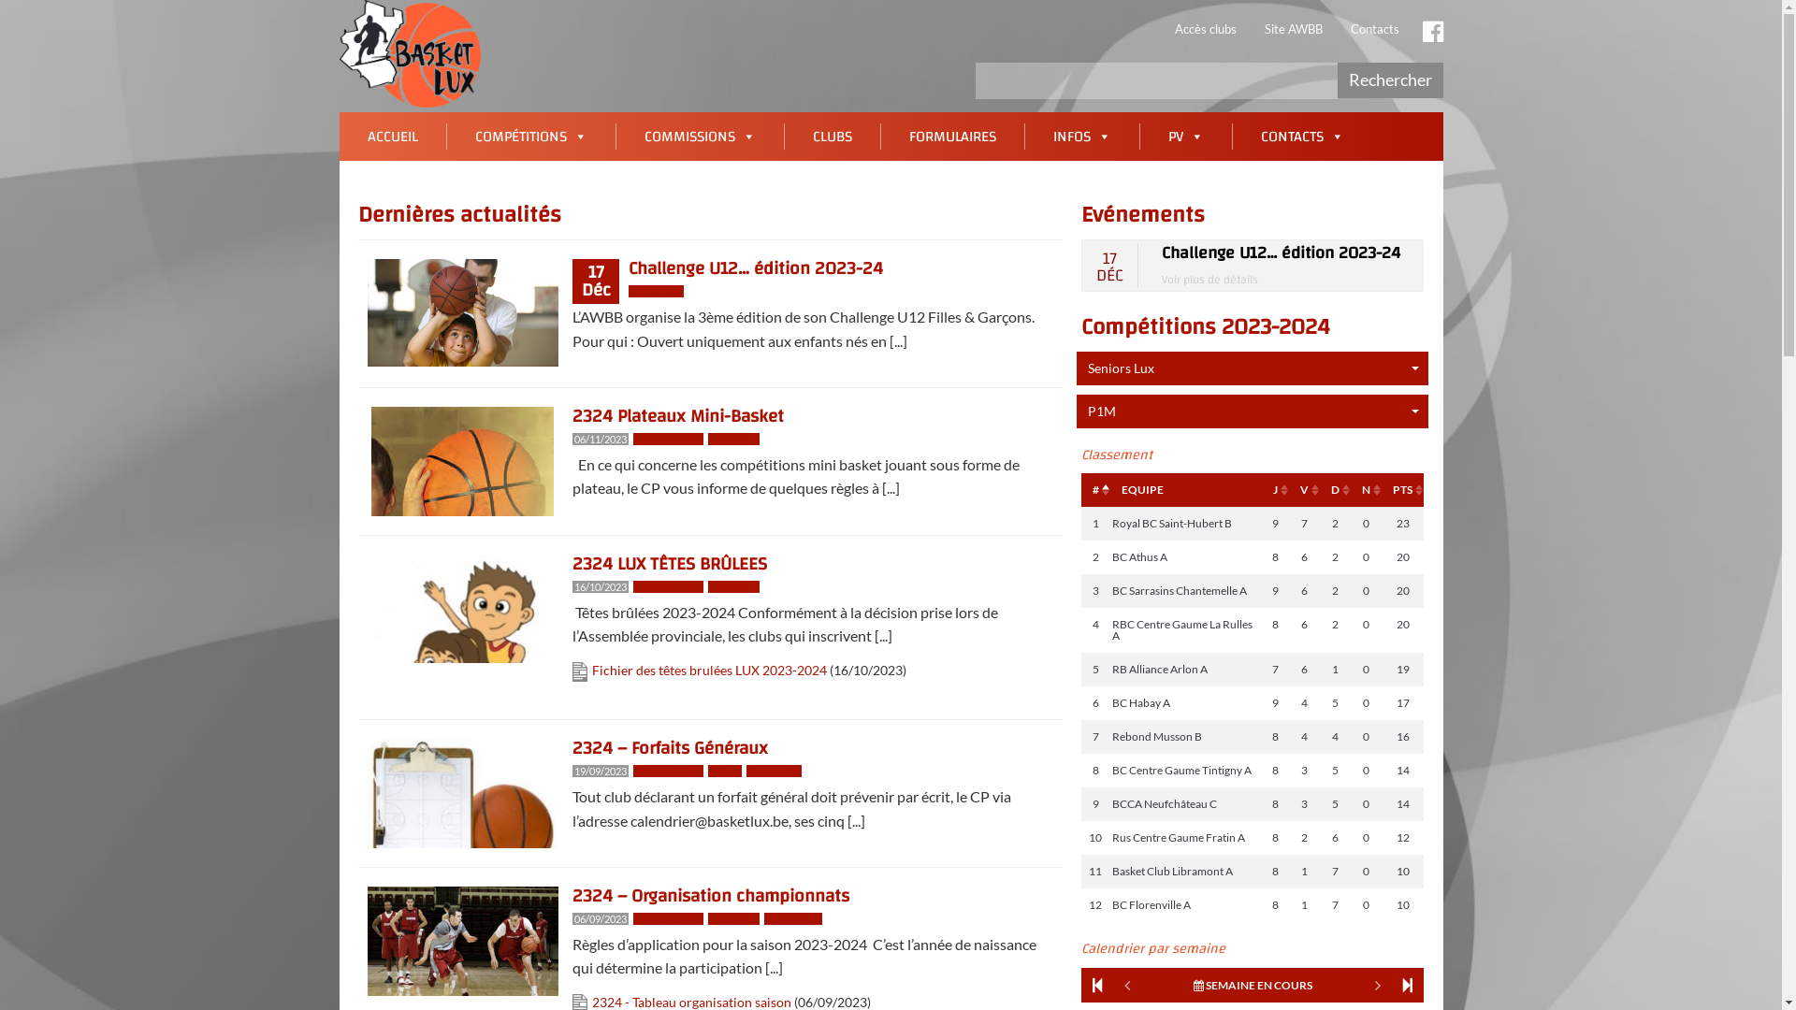 The width and height of the screenshot is (1796, 1010). What do you see at coordinates (390, 136) in the screenshot?
I see `'ACCUEIL'` at bounding box center [390, 136].